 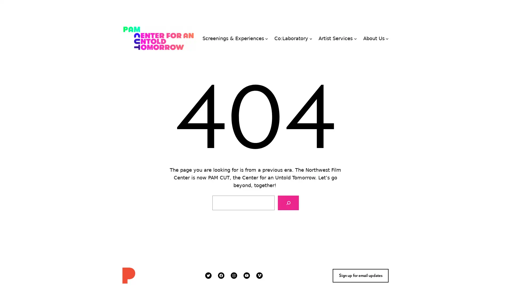 I want to click on About Us submenu, so click(x=387, y=38).